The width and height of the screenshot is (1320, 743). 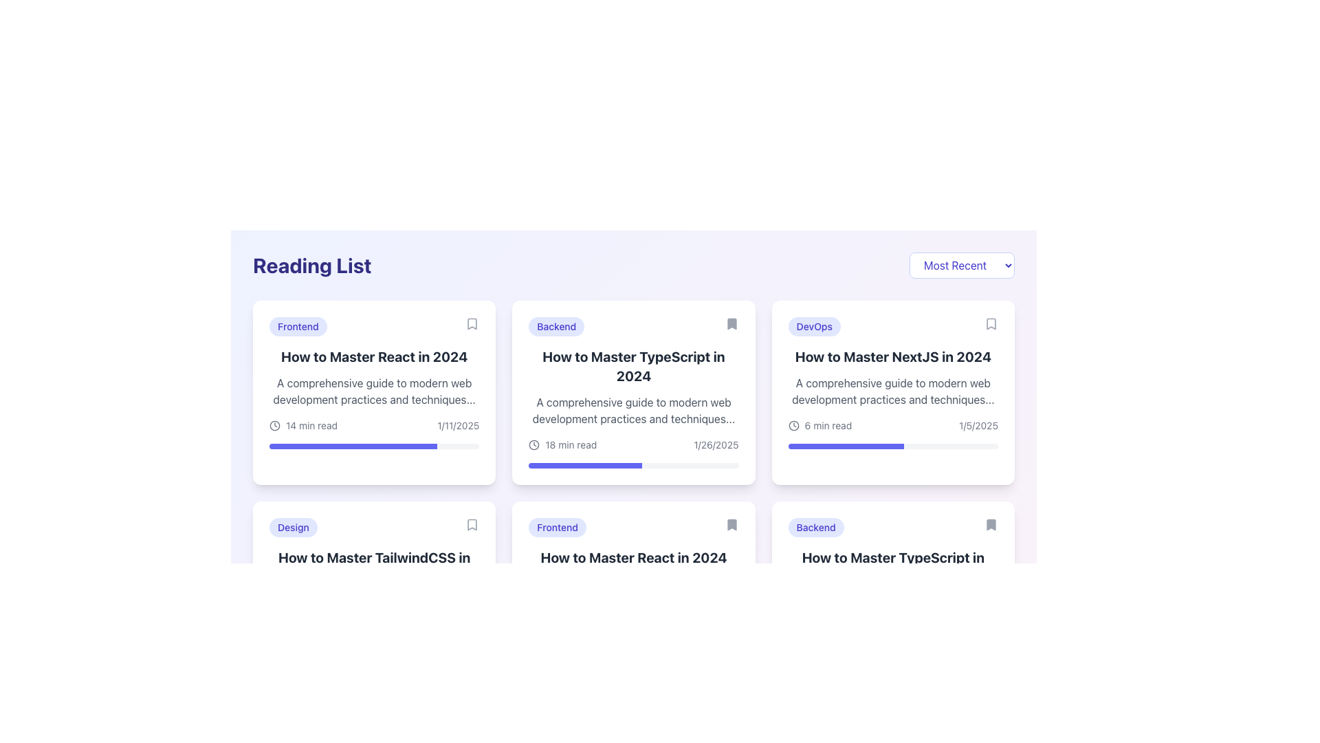 What do you see at coordinates (816, 527) in the screenshot?
I see `the 'Backend' tag located in the bottom-right section of the interface, inside the card labeled 'How to Master TypeScript in 2024'` at bounding box center [816, 527].